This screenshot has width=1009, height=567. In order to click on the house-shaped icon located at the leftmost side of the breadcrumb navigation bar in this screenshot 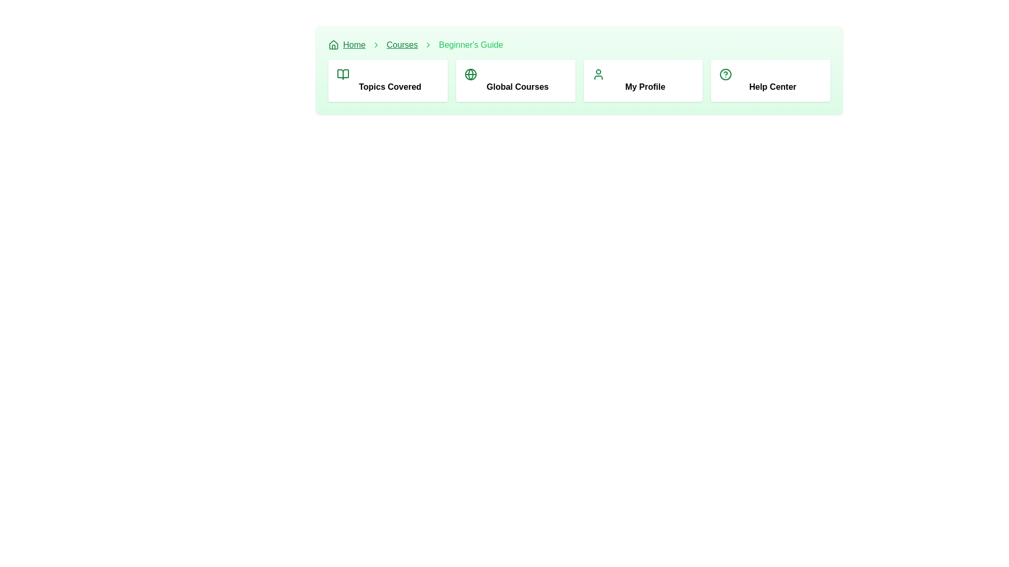, I will do `click(333, 44)`.